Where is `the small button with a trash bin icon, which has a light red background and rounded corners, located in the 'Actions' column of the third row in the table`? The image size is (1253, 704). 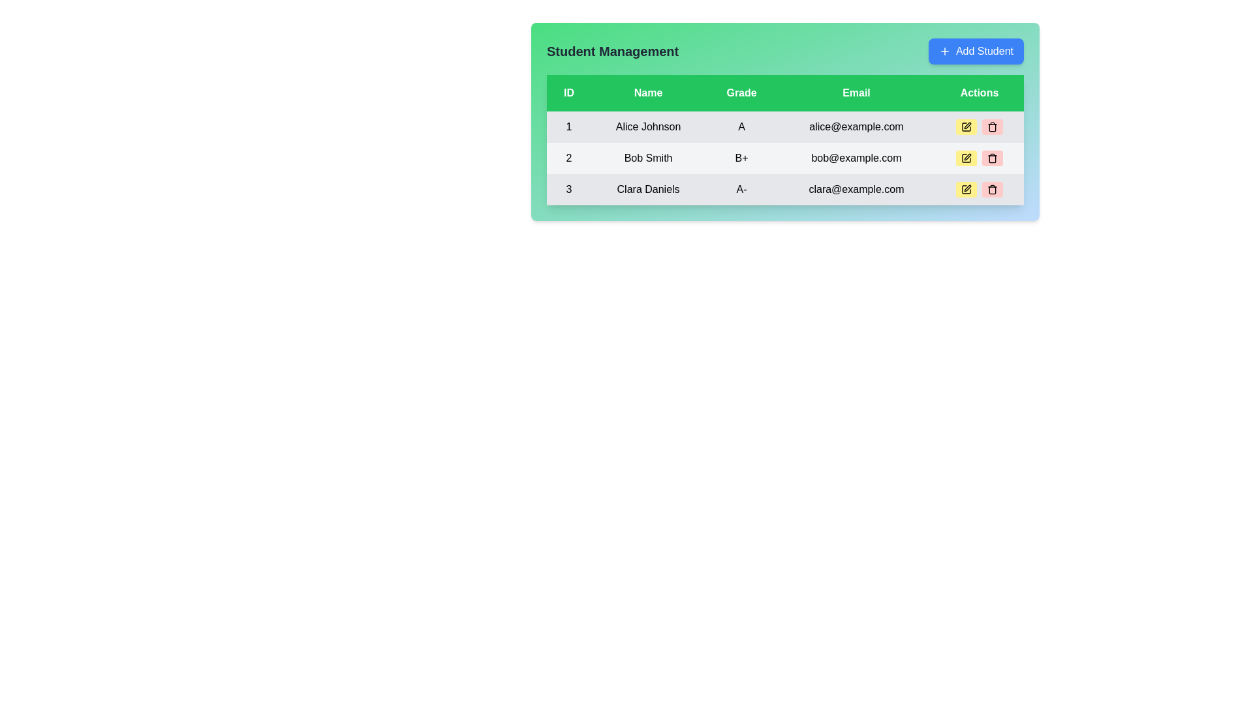 the small button with a trash bin icon, which has a light red background and rounded corners, located in the 'Actions' column of the third row in the table is located at coordinates (992, 189).